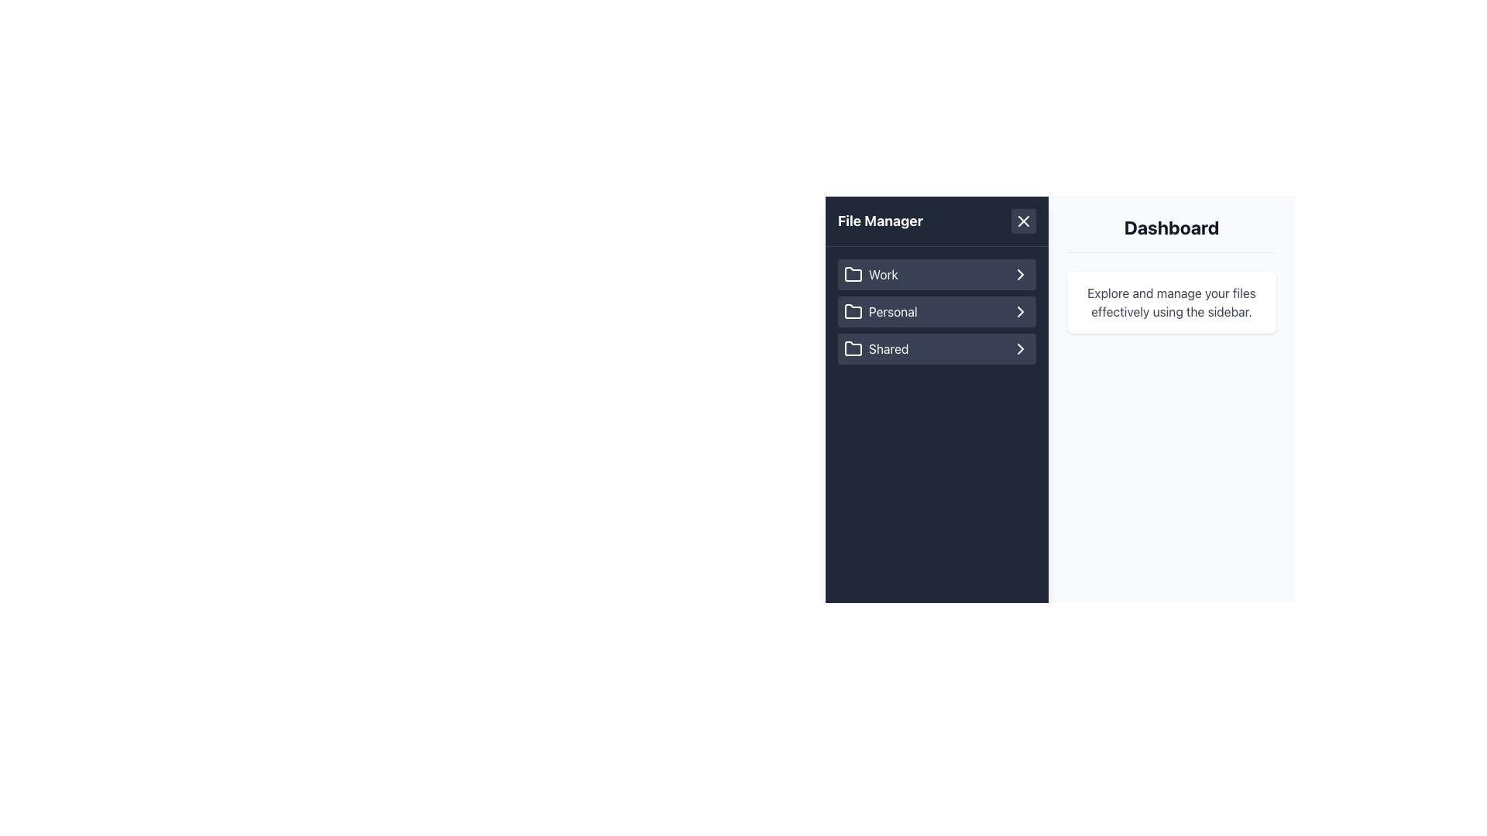  What do you see at coordinates (1171, 234) in the screenshot?
I see `the prominent 'Dashboard' text label located at the top section of the content area, which is styled in bold and large font` at bounding box center [1171, 234].